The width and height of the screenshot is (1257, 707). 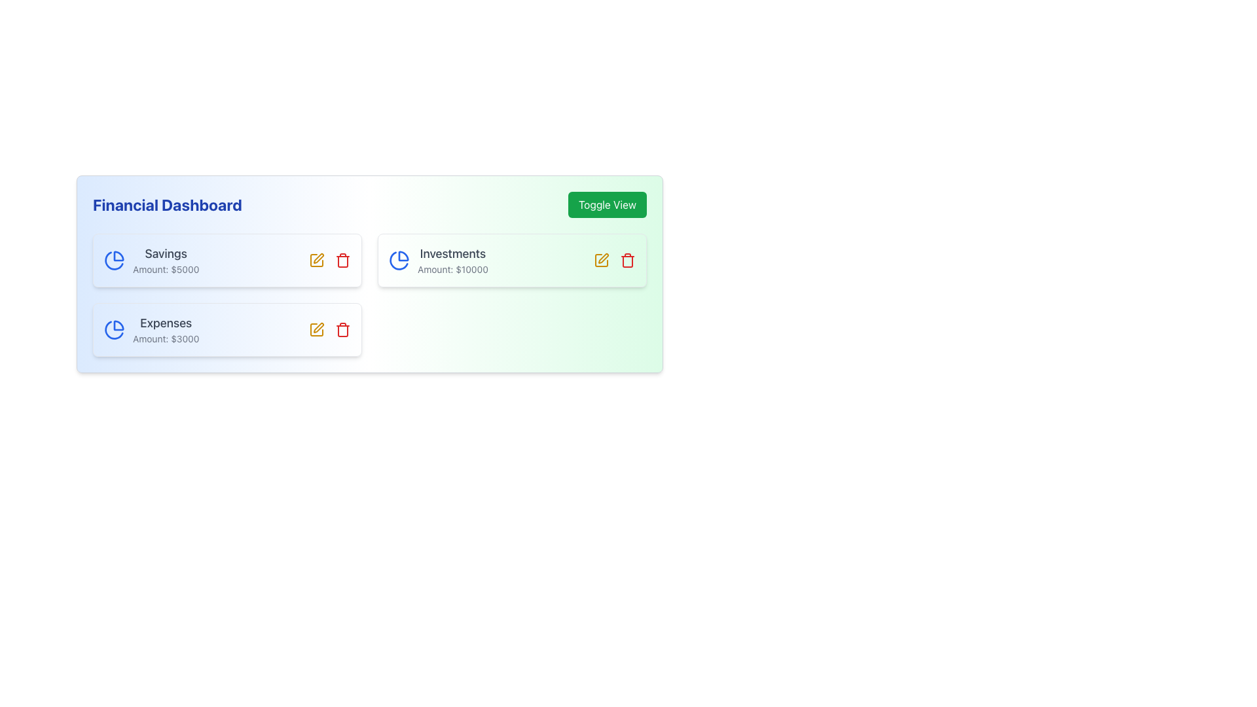 I want to click on the label 'Financial Dashboard' at the top of the dashboard component, which also includes a 'Toggle View' button on the right, so click(x=369, y=204).